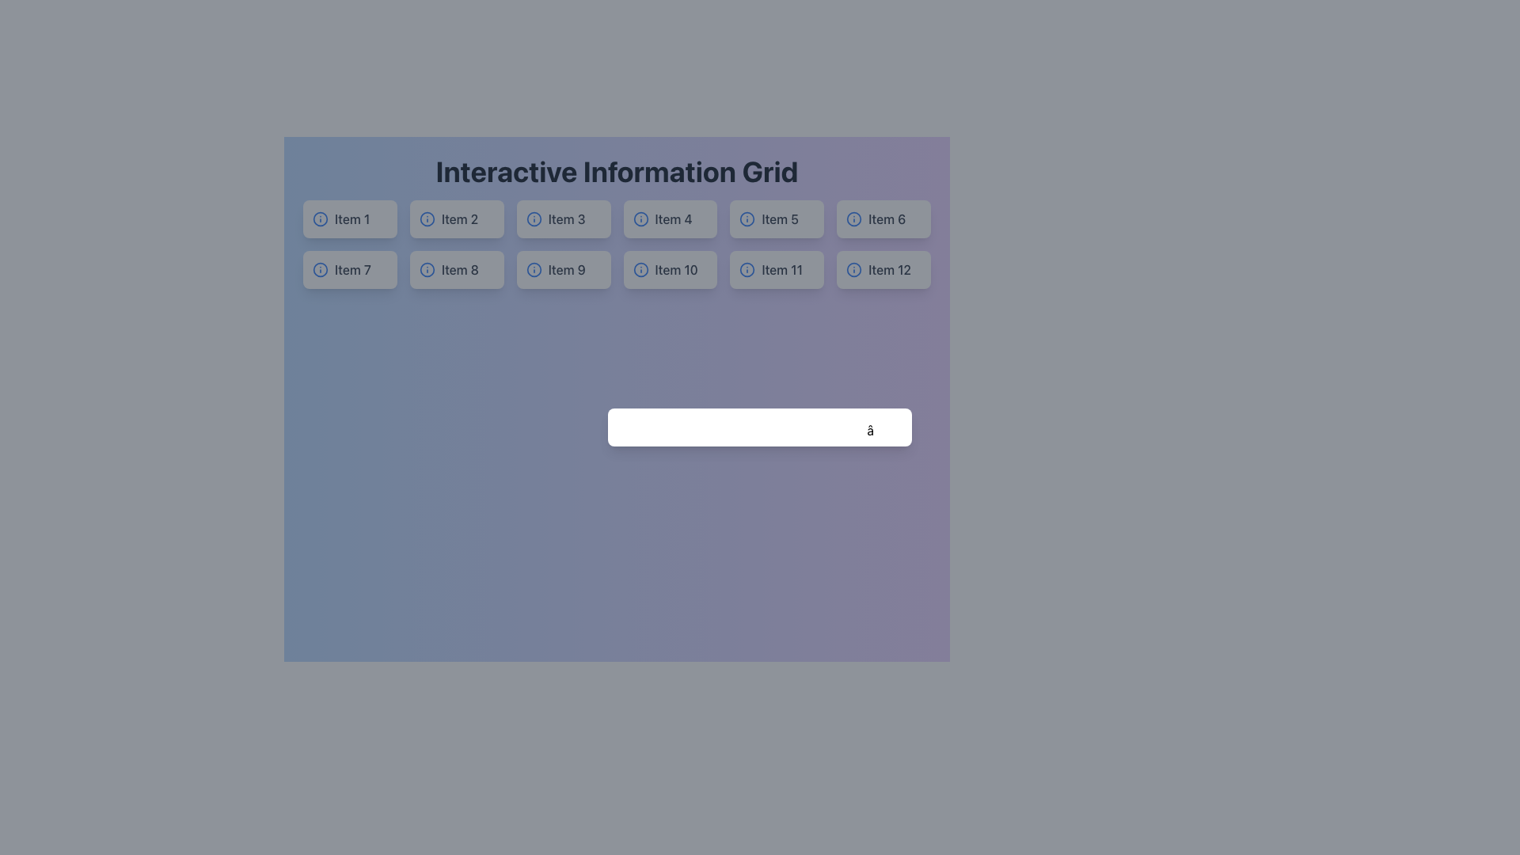 This screenshot has height=855, width=1520. Describe the element at coordinates (777, 268) in the screenshot. I see `the clickable button labeled 'Item 11' which is positioned in the second row, fifth column of the grid layout` at that location.